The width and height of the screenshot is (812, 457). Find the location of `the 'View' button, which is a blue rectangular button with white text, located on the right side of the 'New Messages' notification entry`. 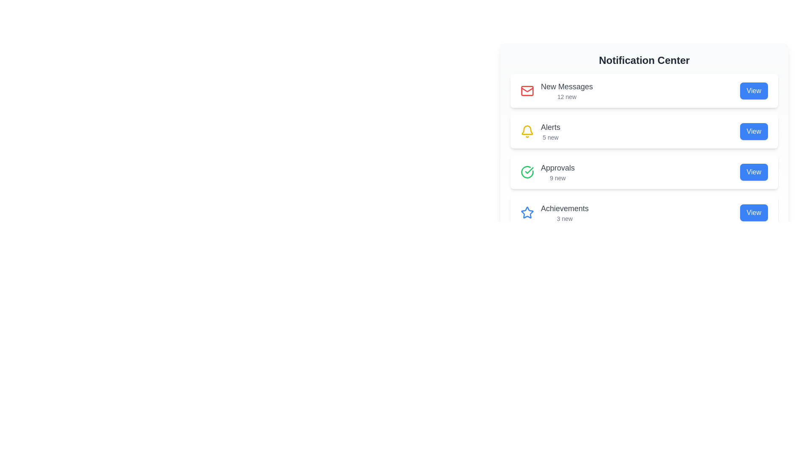

the 'View' button, which is a blue rectangular button with white text, located on the right side of the 'New Messages' notification entry is located at coordinates (754, 91).